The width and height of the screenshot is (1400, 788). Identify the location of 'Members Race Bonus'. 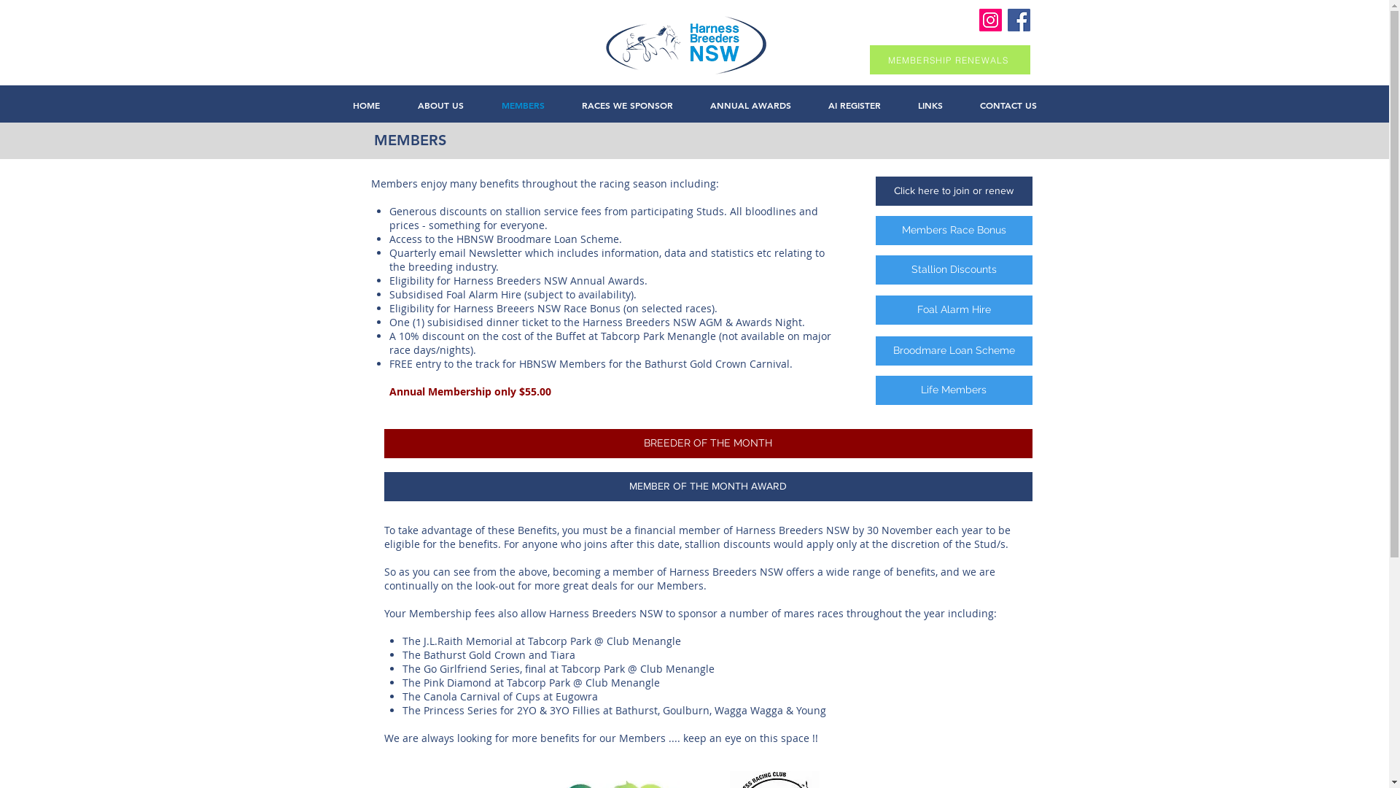
(953, 230).